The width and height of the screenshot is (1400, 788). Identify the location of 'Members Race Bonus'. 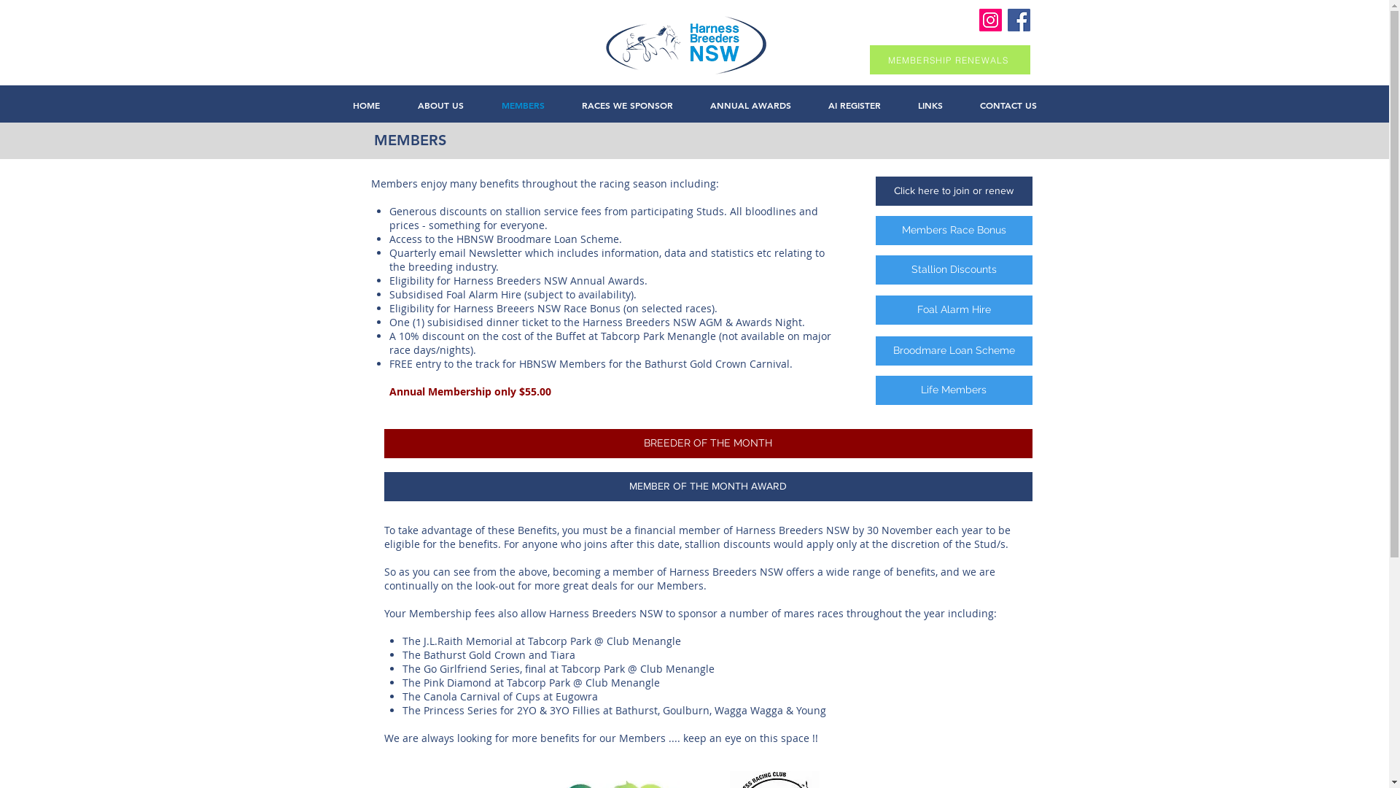
(953, 230).